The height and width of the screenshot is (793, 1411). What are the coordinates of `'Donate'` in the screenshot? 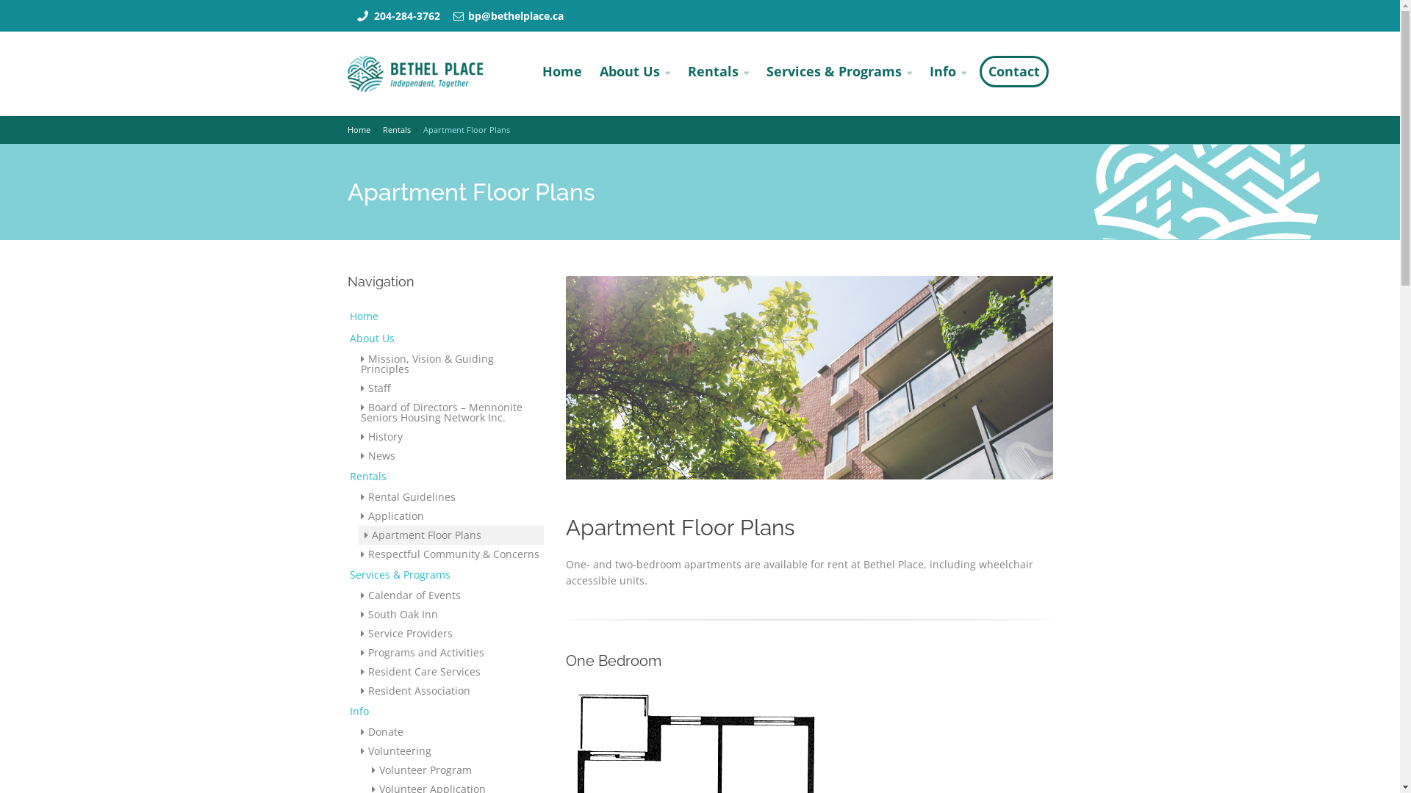 It's located at (450, 731).